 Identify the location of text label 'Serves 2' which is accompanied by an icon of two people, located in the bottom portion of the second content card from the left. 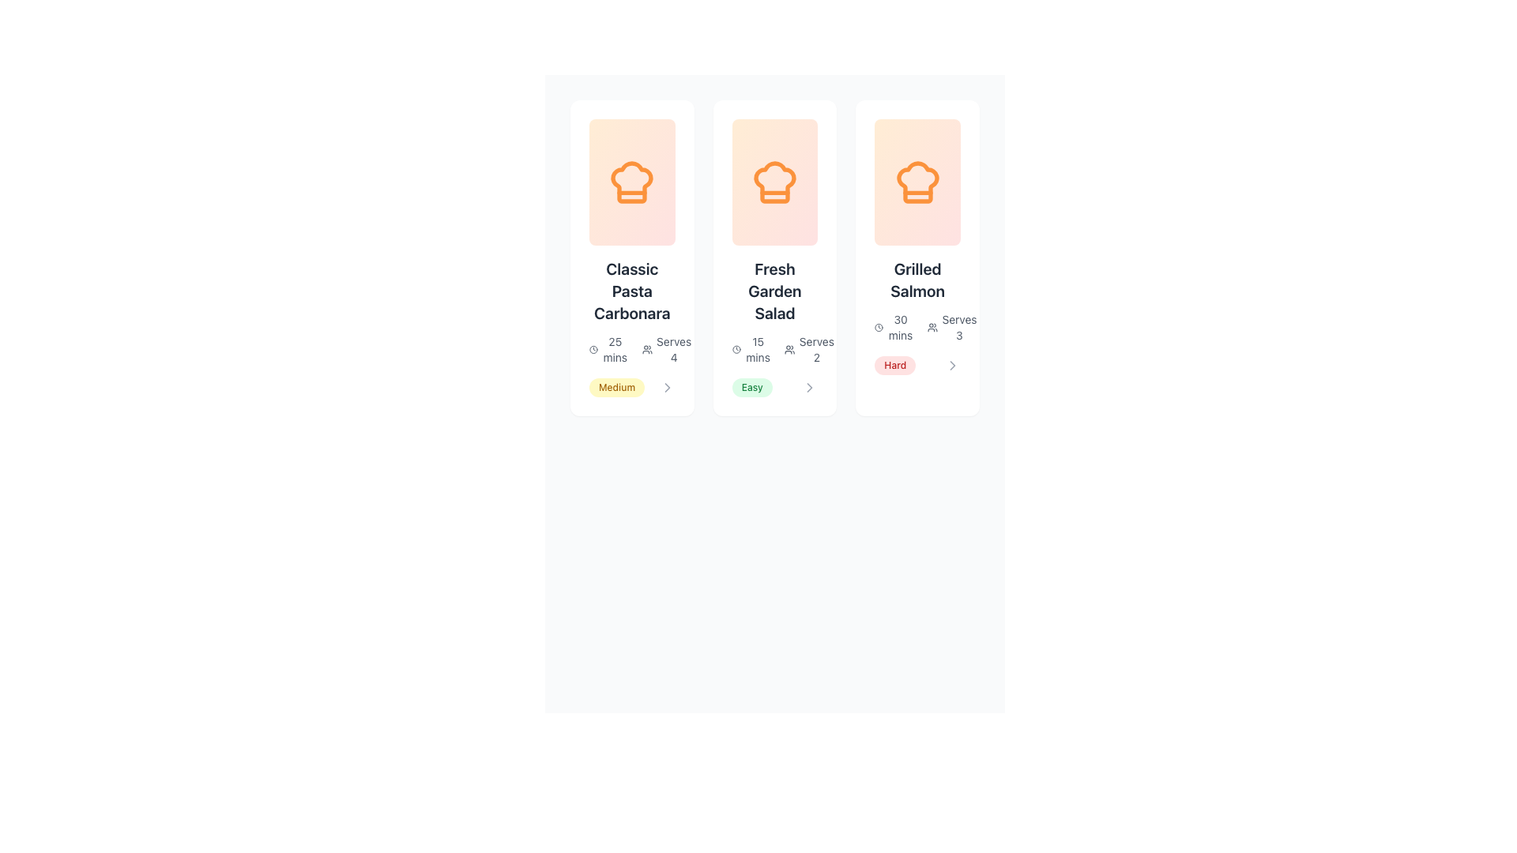
(810, 349).